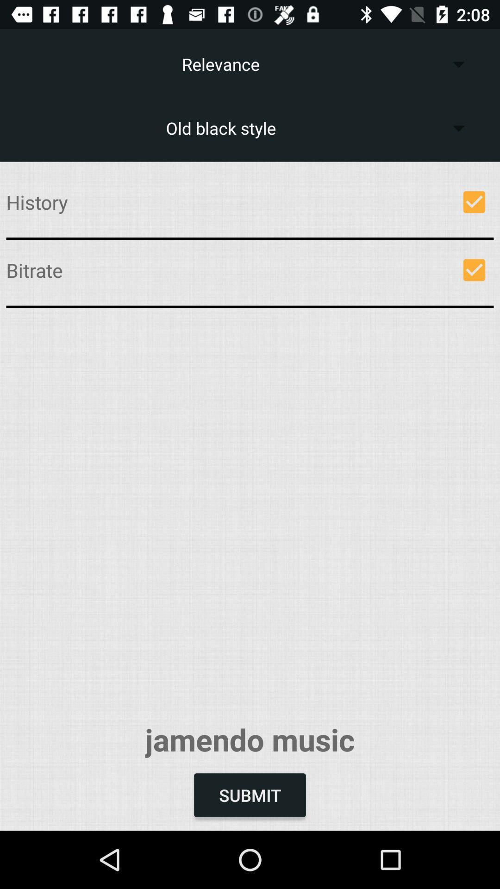 This screenshot has width=500, height=889. What do you see at coordinates (474, 201) in the screenshot?
I see `the item to the right of the history item` at bounding box center [474, 201].